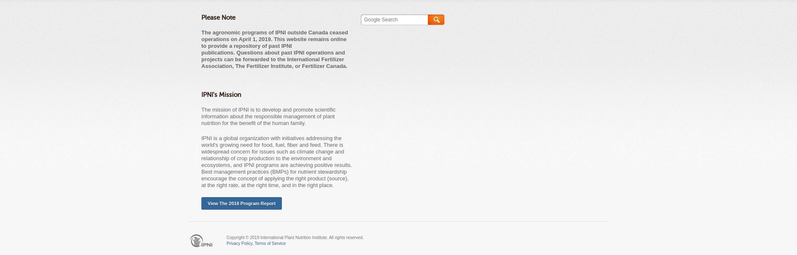  I want to click on 'IPNI's Mission', so click(201, 94).